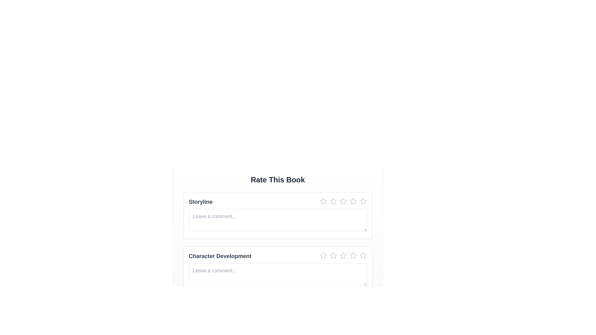  Describe the element at coordinates (363, 201) in the screenshot. I see `the fifth star icon button` at that location.